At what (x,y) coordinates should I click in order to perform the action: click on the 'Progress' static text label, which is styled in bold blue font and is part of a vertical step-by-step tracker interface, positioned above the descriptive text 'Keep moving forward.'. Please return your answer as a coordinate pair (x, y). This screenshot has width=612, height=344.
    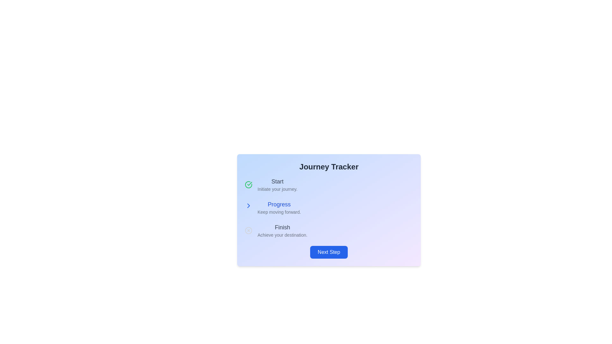
    Looking at the image, I should click on (279, 204).